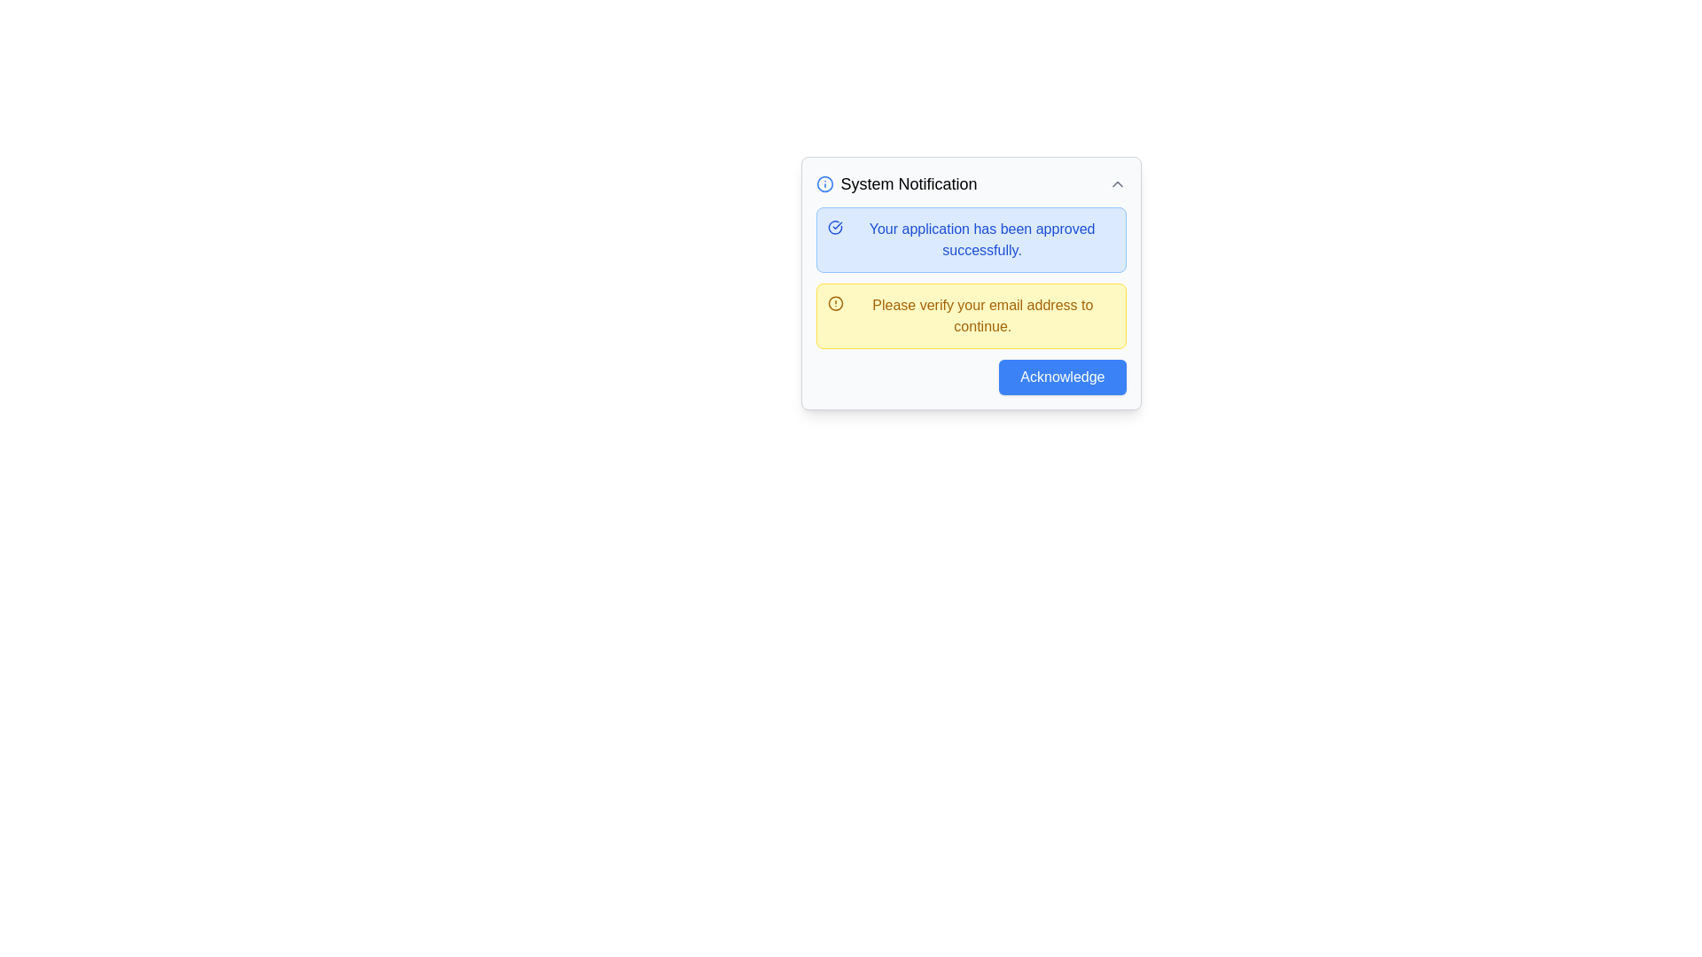  I want to click on blue check circle icon located to the left of the message 'Your application has been approved successfully.', so click(834, 227).